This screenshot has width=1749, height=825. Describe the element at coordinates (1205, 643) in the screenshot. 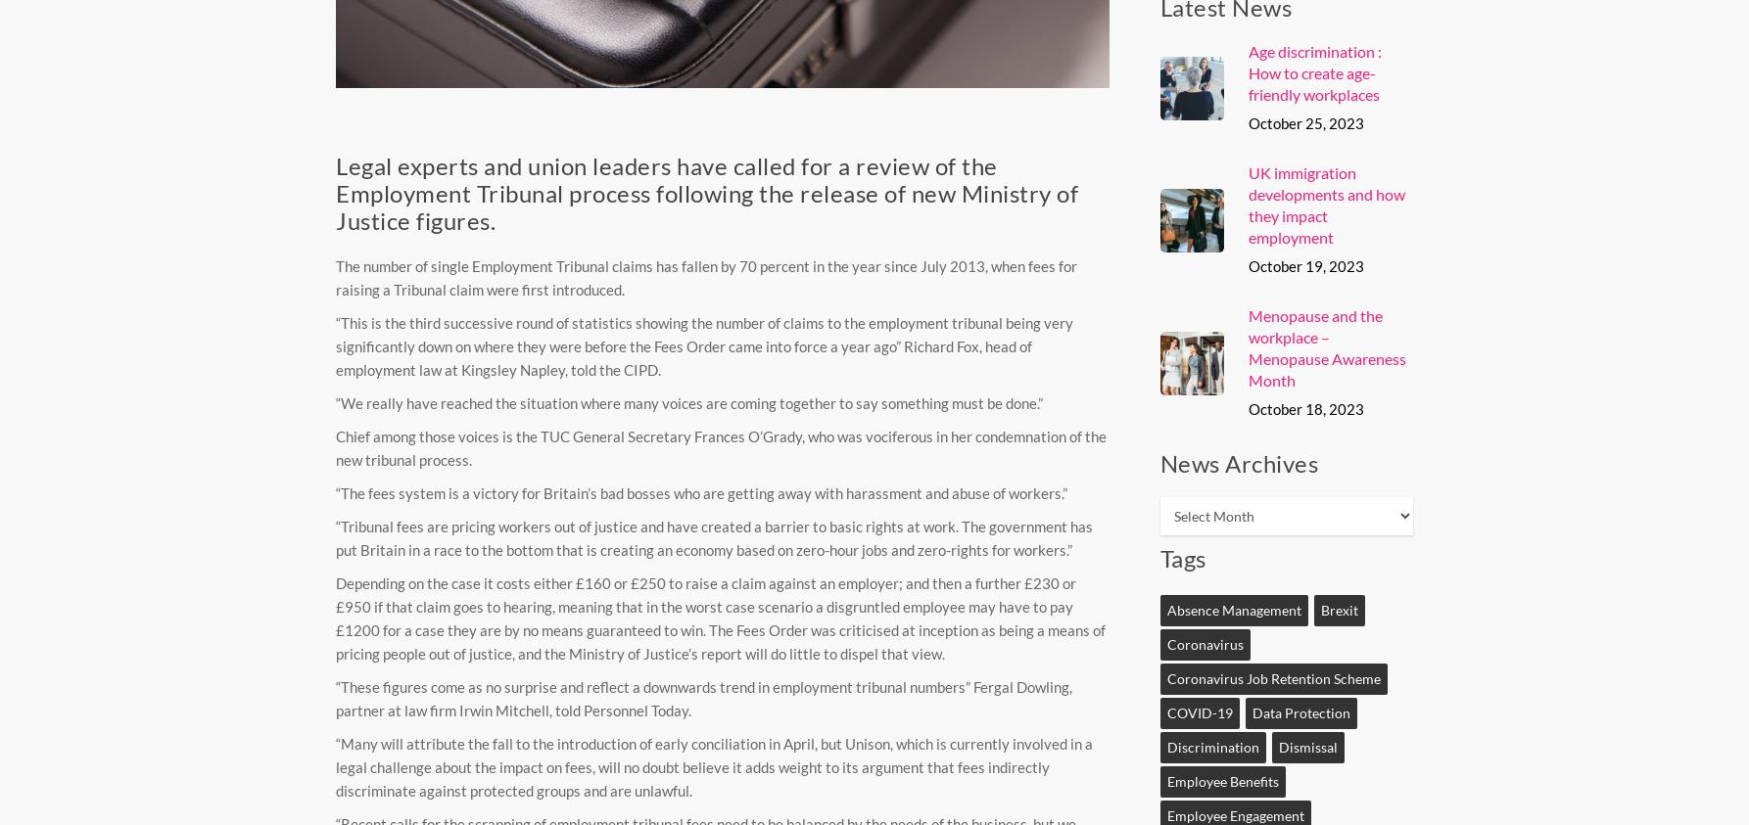

I see `'Coronavirus'` at that location.